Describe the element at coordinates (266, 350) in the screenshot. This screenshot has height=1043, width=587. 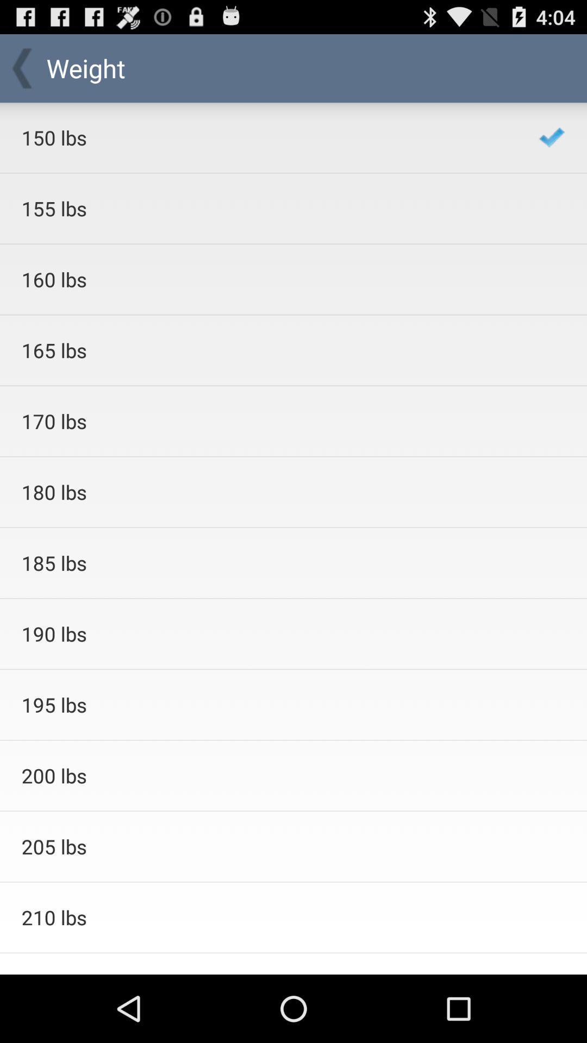
I see `the 165 lbs icon` at that location.